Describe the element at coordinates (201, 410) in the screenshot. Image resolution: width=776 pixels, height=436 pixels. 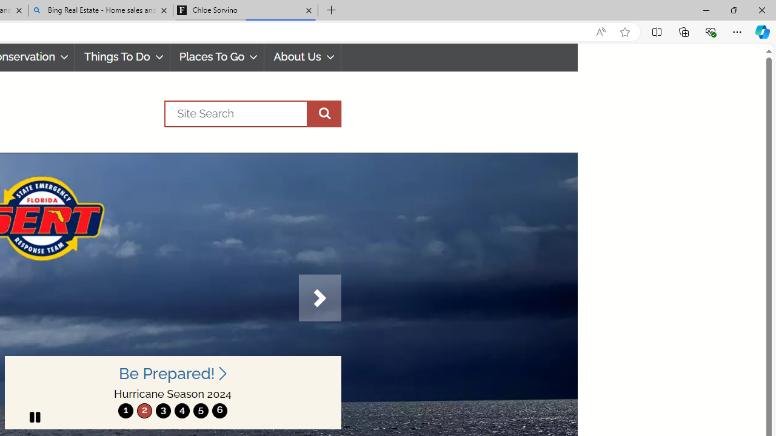
I see `'5'` at that location.